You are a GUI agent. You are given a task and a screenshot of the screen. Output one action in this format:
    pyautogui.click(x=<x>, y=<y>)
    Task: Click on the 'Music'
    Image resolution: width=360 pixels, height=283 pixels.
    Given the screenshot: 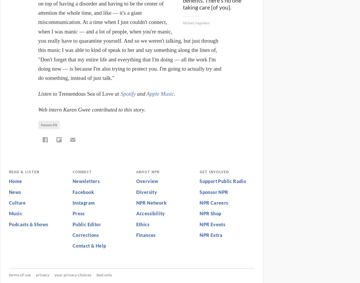 What is the action you would take?
    pyautogui.click(x=16, y=213)
    